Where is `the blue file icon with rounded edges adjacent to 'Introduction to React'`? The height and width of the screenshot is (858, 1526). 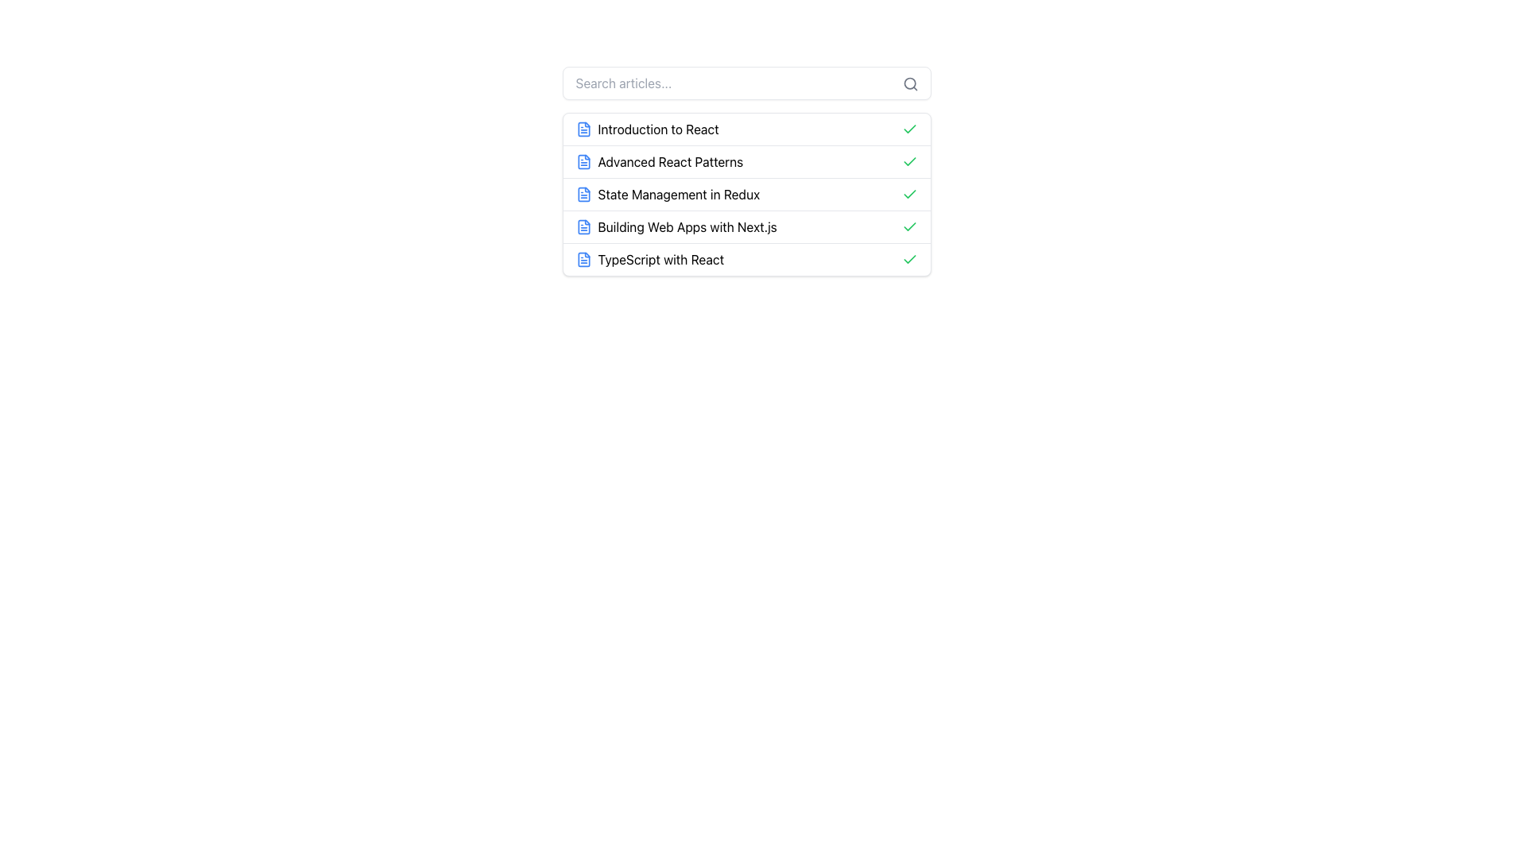 the blue file icon with rounded edges adjacent to 'Introduction to React' is located at coordinates (583, 128).